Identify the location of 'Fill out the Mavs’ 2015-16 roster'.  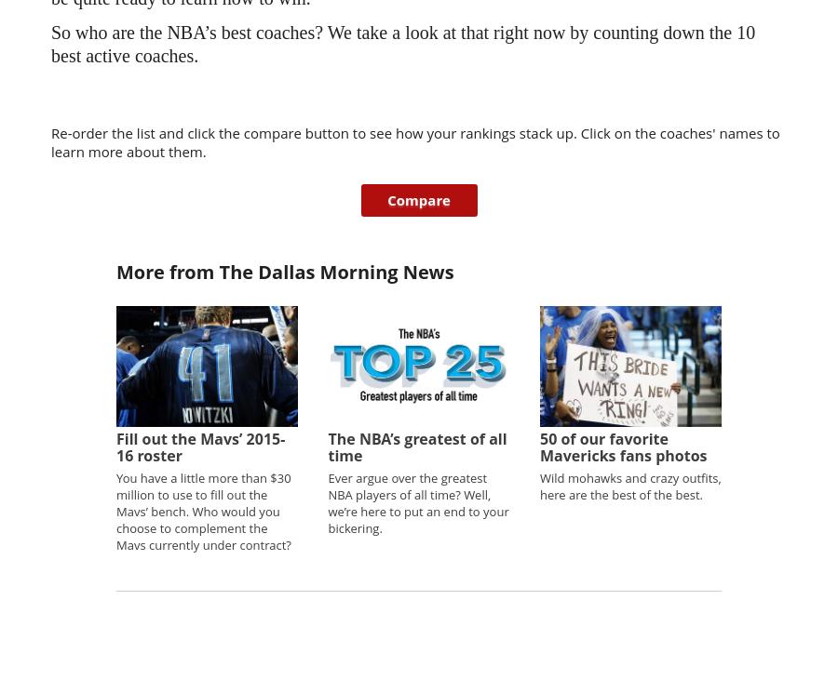
(200, 446).